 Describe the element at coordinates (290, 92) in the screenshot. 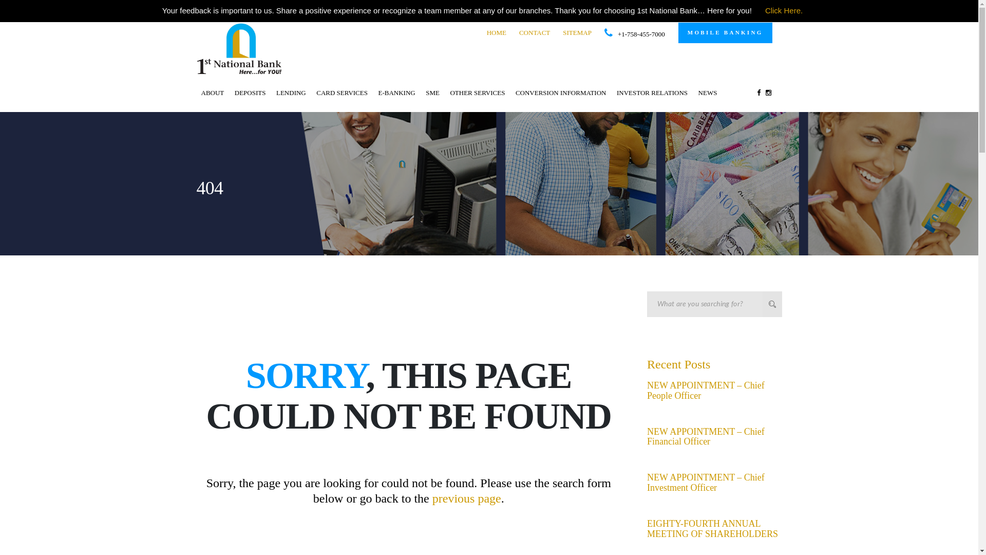

I see `'LENDING'` at that location.